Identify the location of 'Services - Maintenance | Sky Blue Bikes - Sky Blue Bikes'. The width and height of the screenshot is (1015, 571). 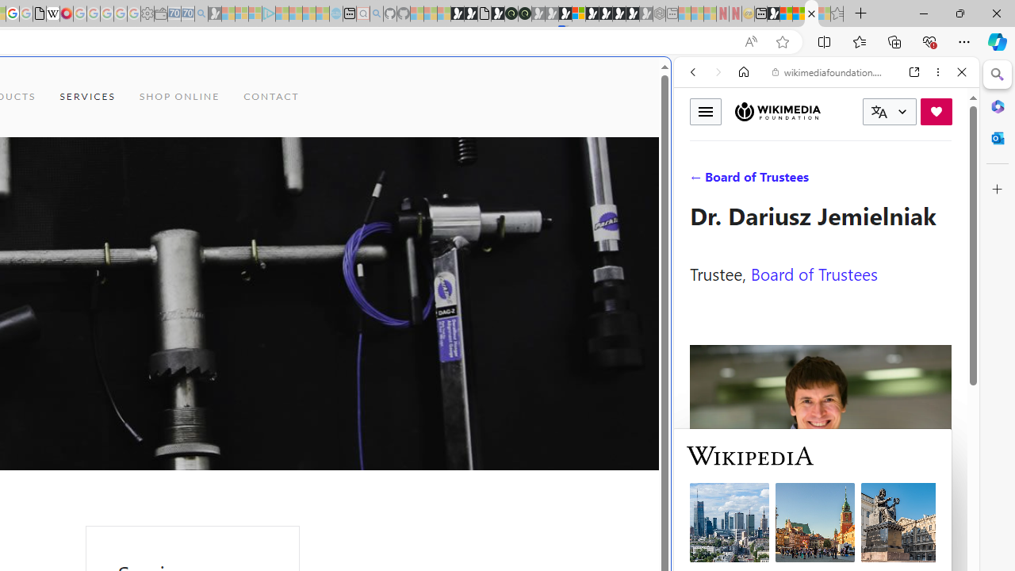
(811, 13).